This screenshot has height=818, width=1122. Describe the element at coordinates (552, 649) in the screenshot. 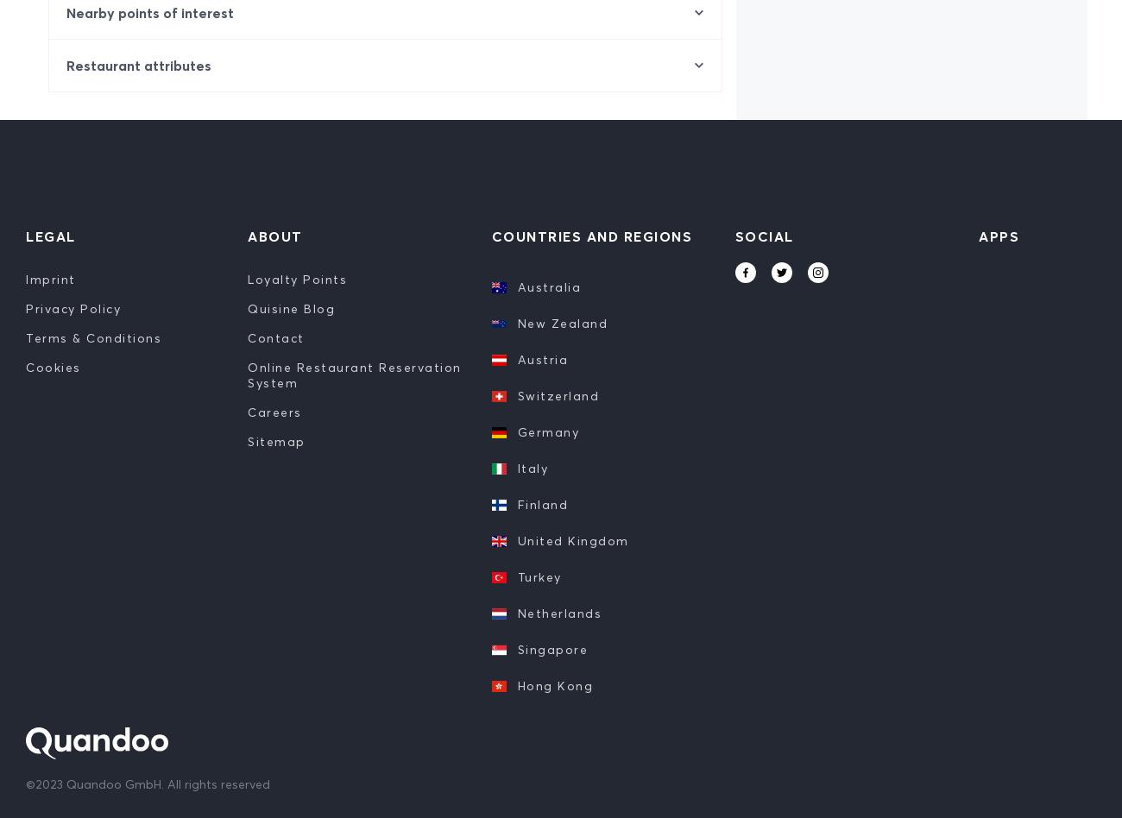

I see `'Singapore'` at that location.